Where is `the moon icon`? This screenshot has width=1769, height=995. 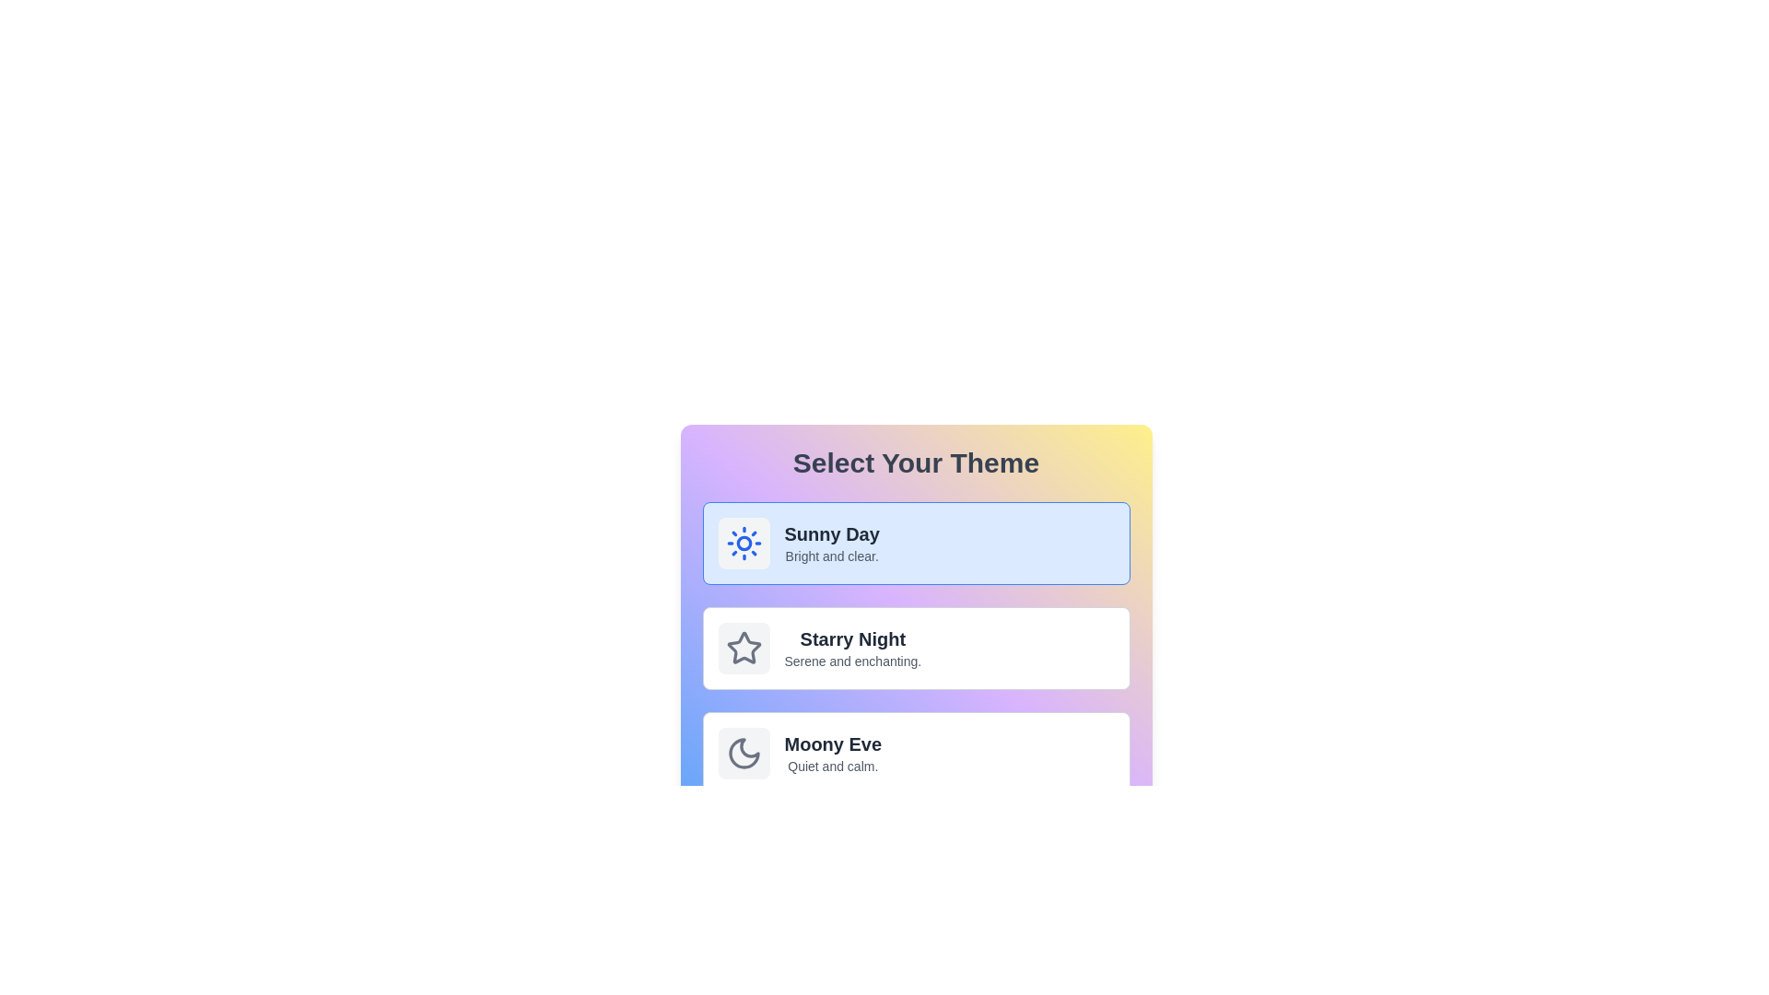 the moon icon is located at coordinates (744, 753).